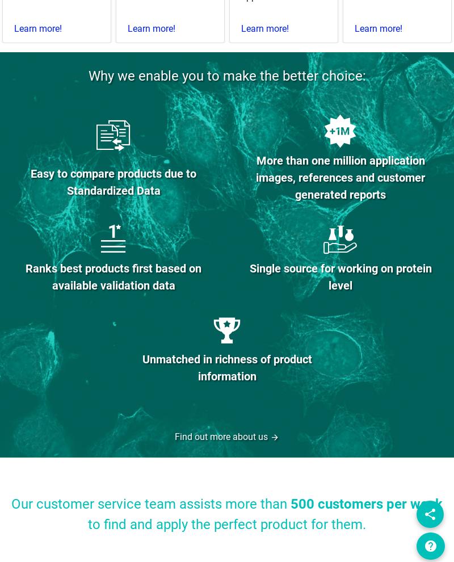  Describe the element at coordinates (113, 276) in the screenshot. I see `'Ranks best products first based on available validation data'` at that location.